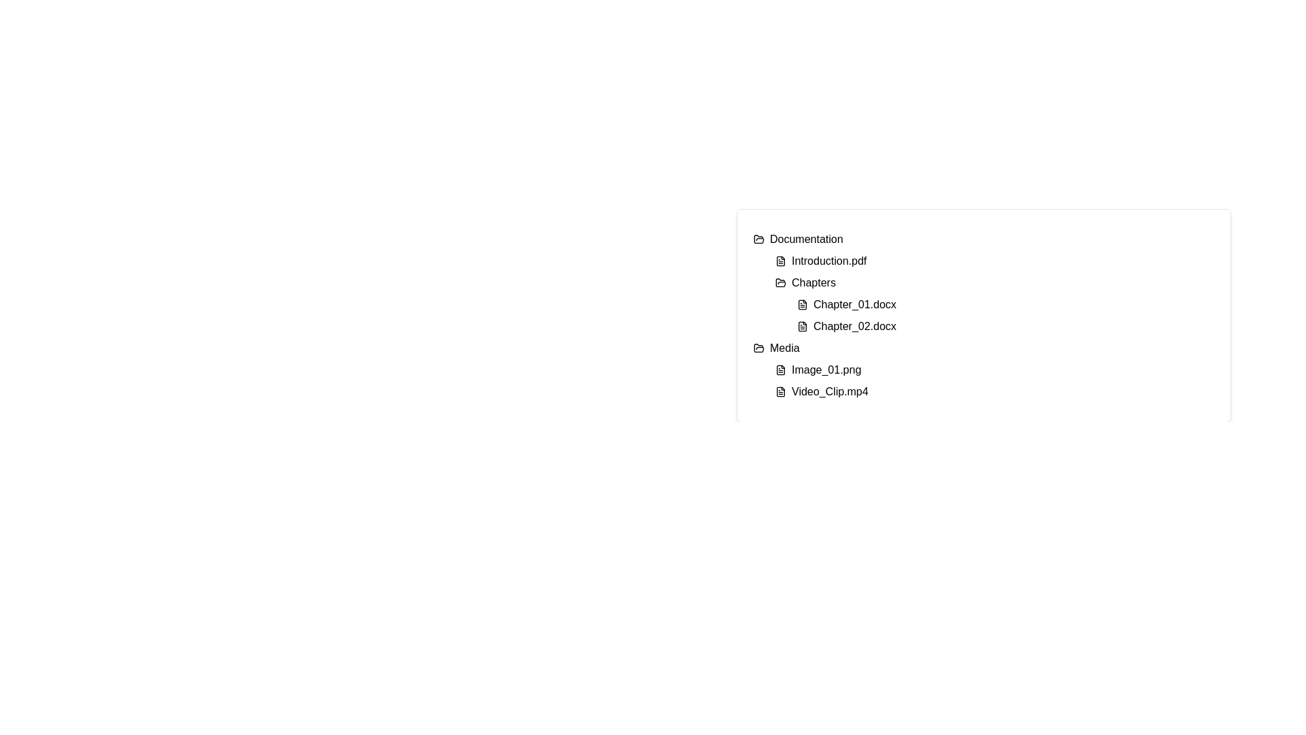  Describe the element at coordinates (780, 282) in the screenshot. I see `the open folder icon in the file management interface to indicate accessibility of files or subfolders` at that location.